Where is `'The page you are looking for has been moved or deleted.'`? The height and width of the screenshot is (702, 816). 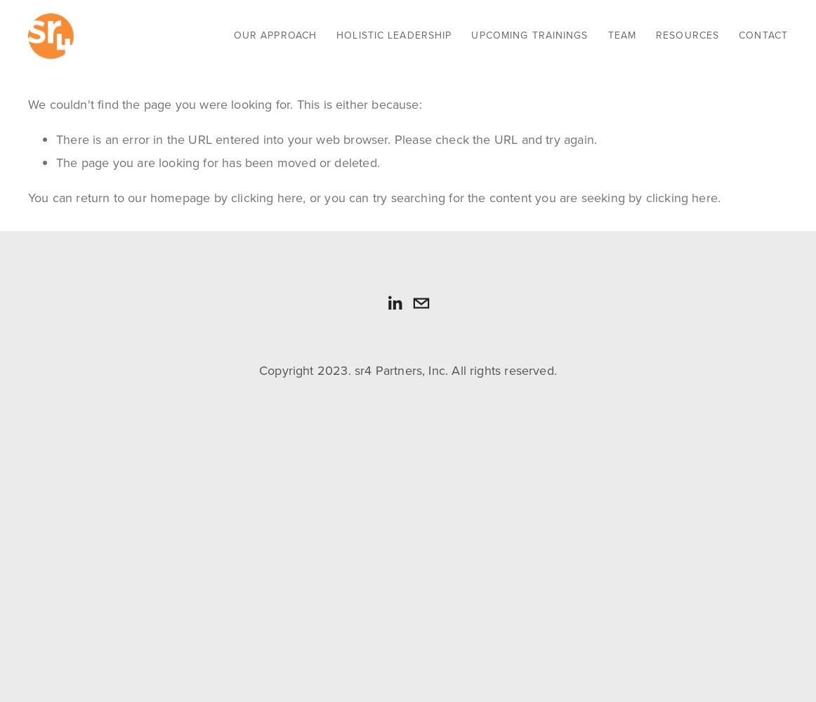 'The page you are looking for has been moved or deleted.' is located at coordinates (55, 161).